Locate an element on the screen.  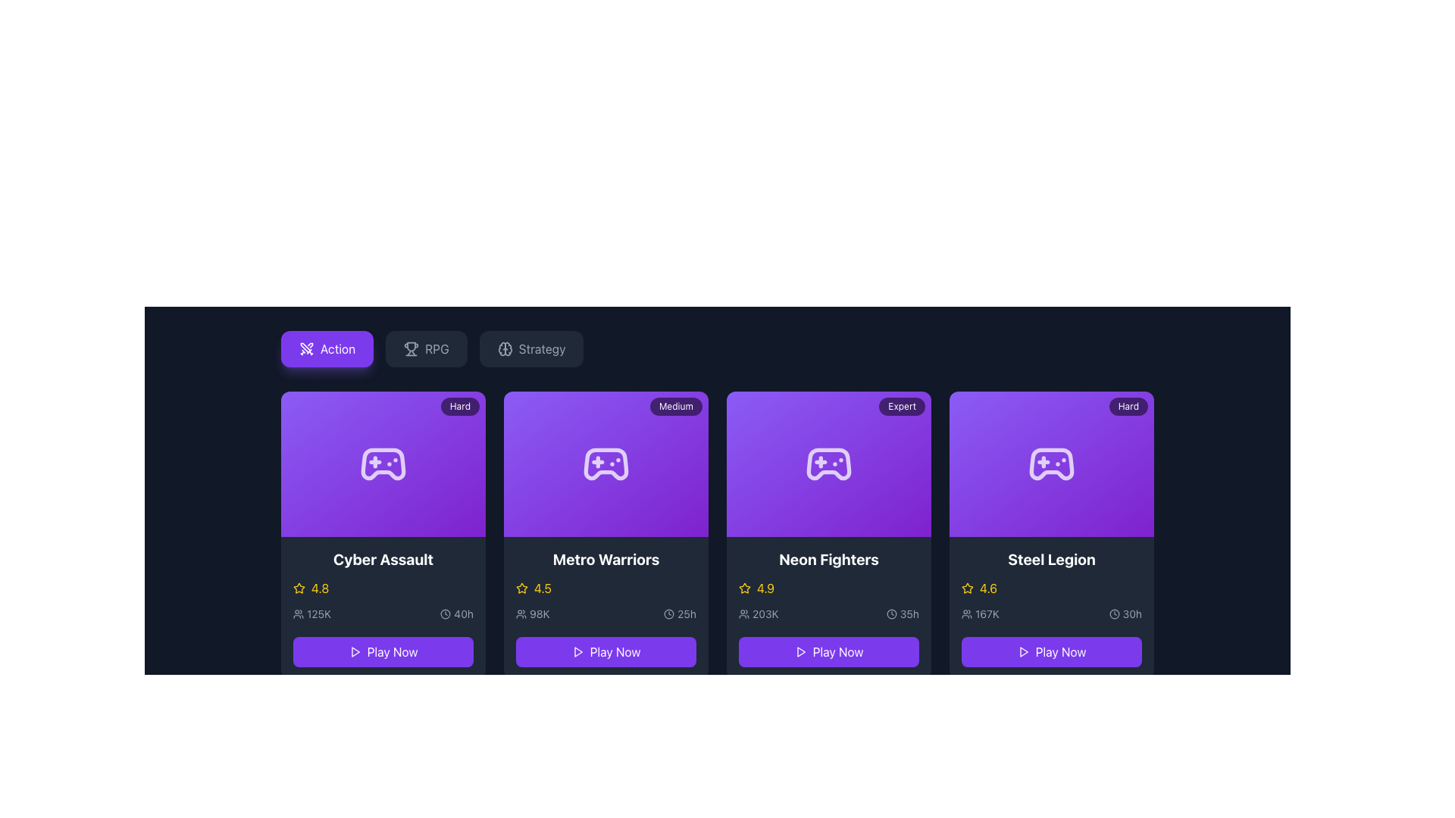
the 'Play Now' button, which is a violet rectangular button with rounded edges located below the 'Cyber Assault' label in the first game card is located at coordinates (383, 651).